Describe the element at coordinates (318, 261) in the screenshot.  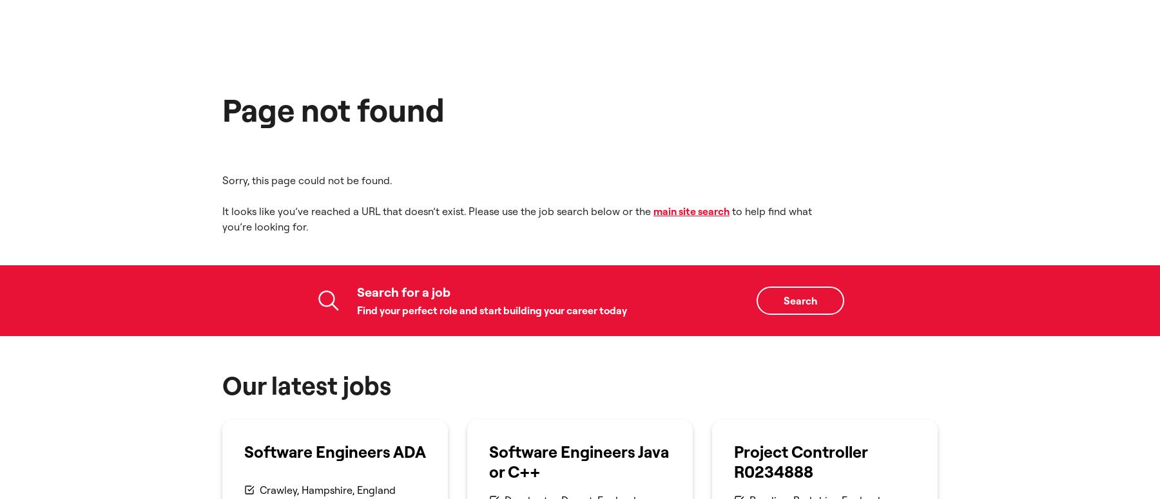
I see `'£66,192 - 73,546 per year'` at that location.